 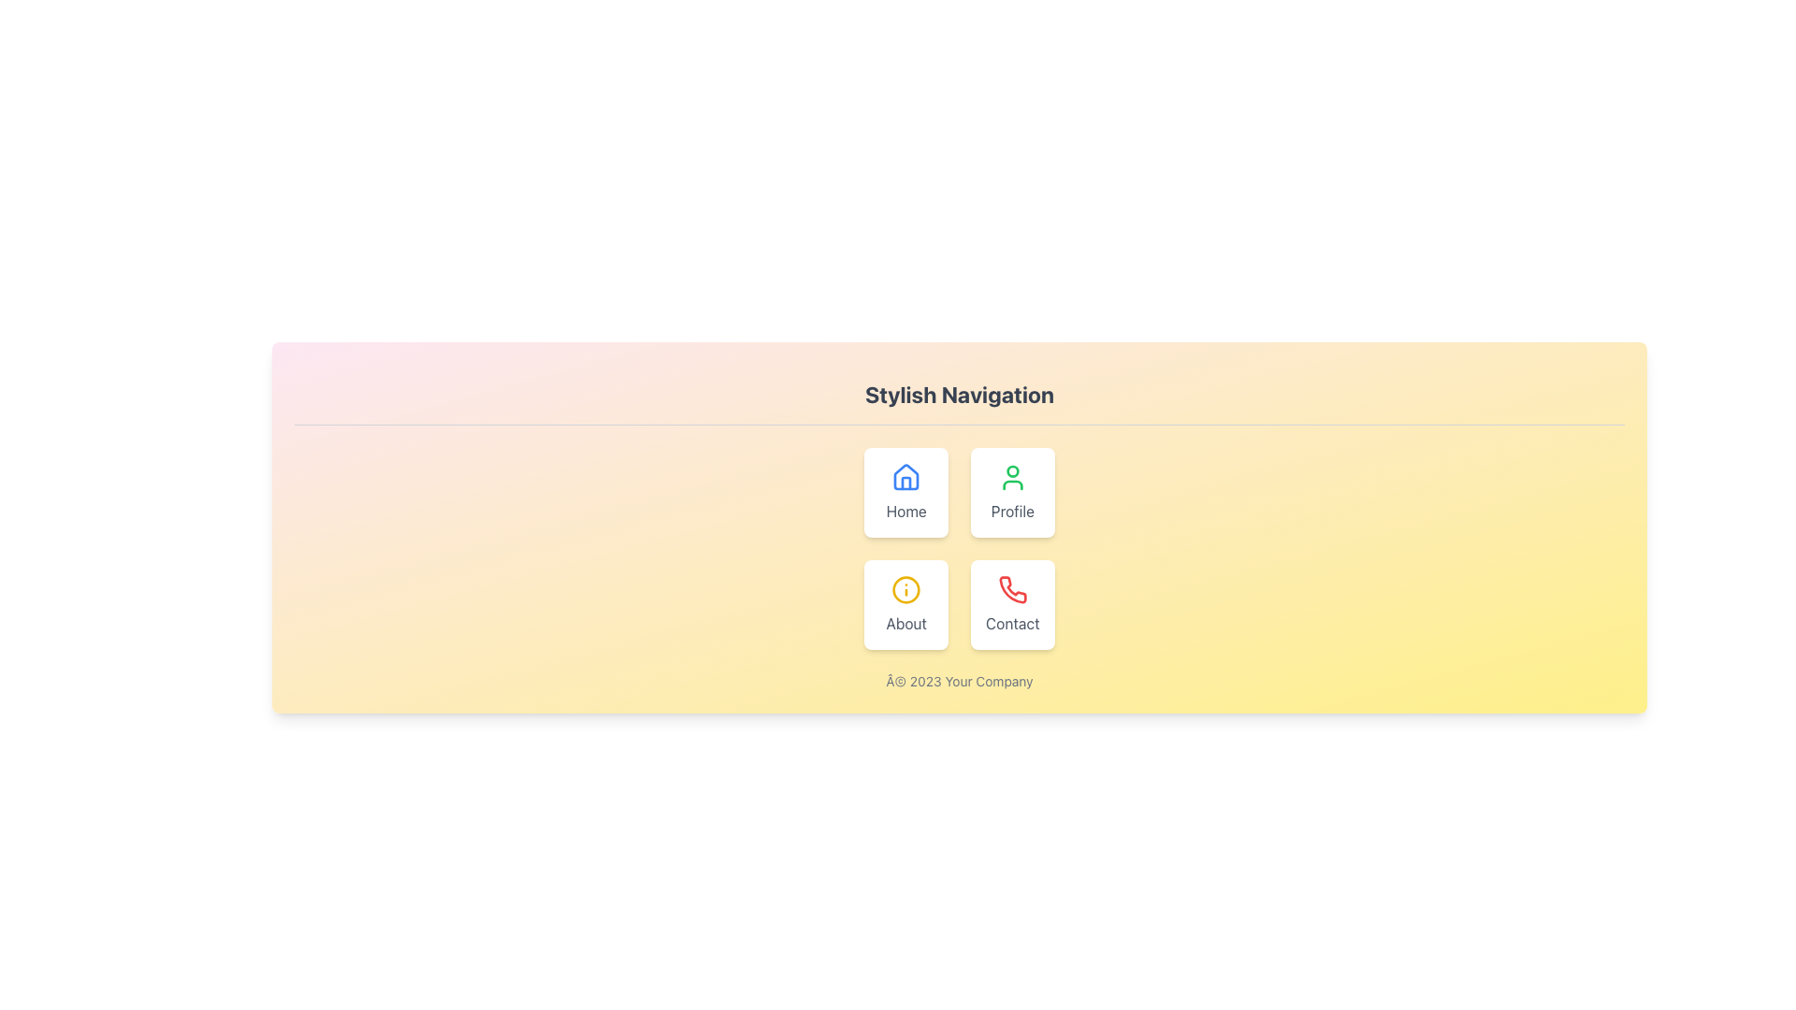 What do you see at coordinates (1011, 512) in the screenshot?
I see `the 'Profile' text label which describes the associated profile navigation button located below the user profile icon` at bounding box center [1011, 512].